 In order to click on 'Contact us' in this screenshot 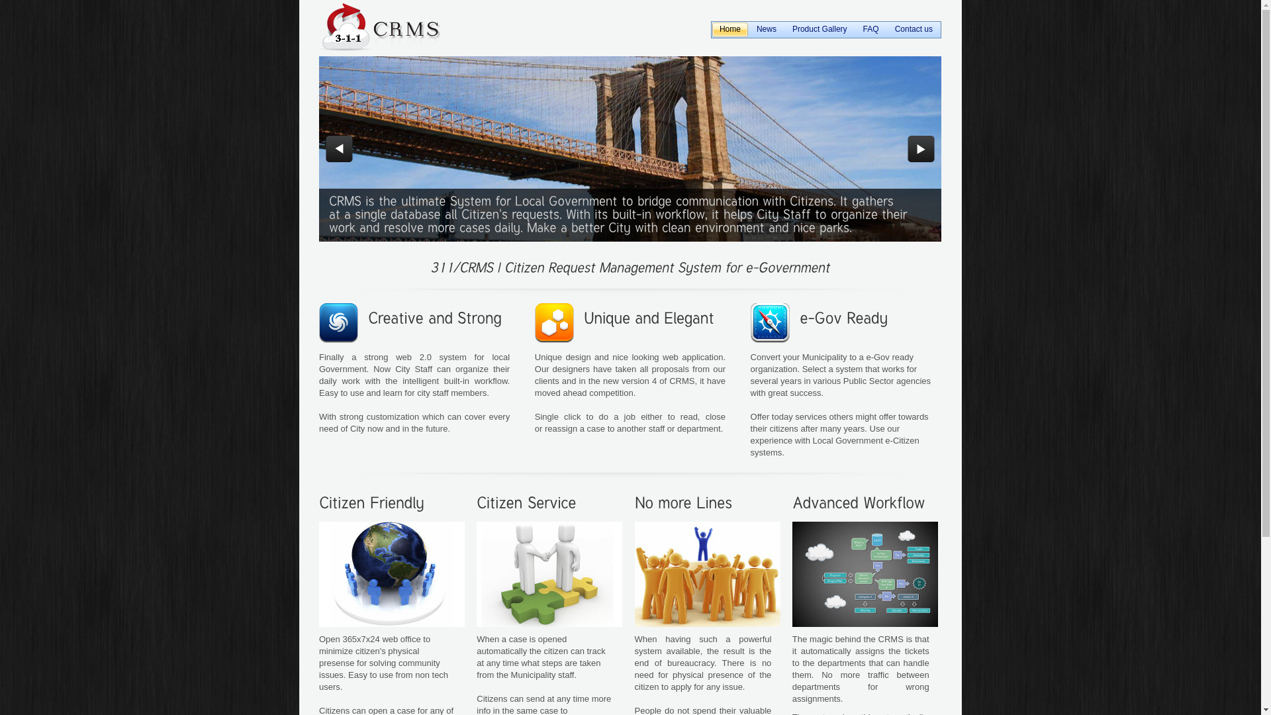, I will do `click(913, 30)`.